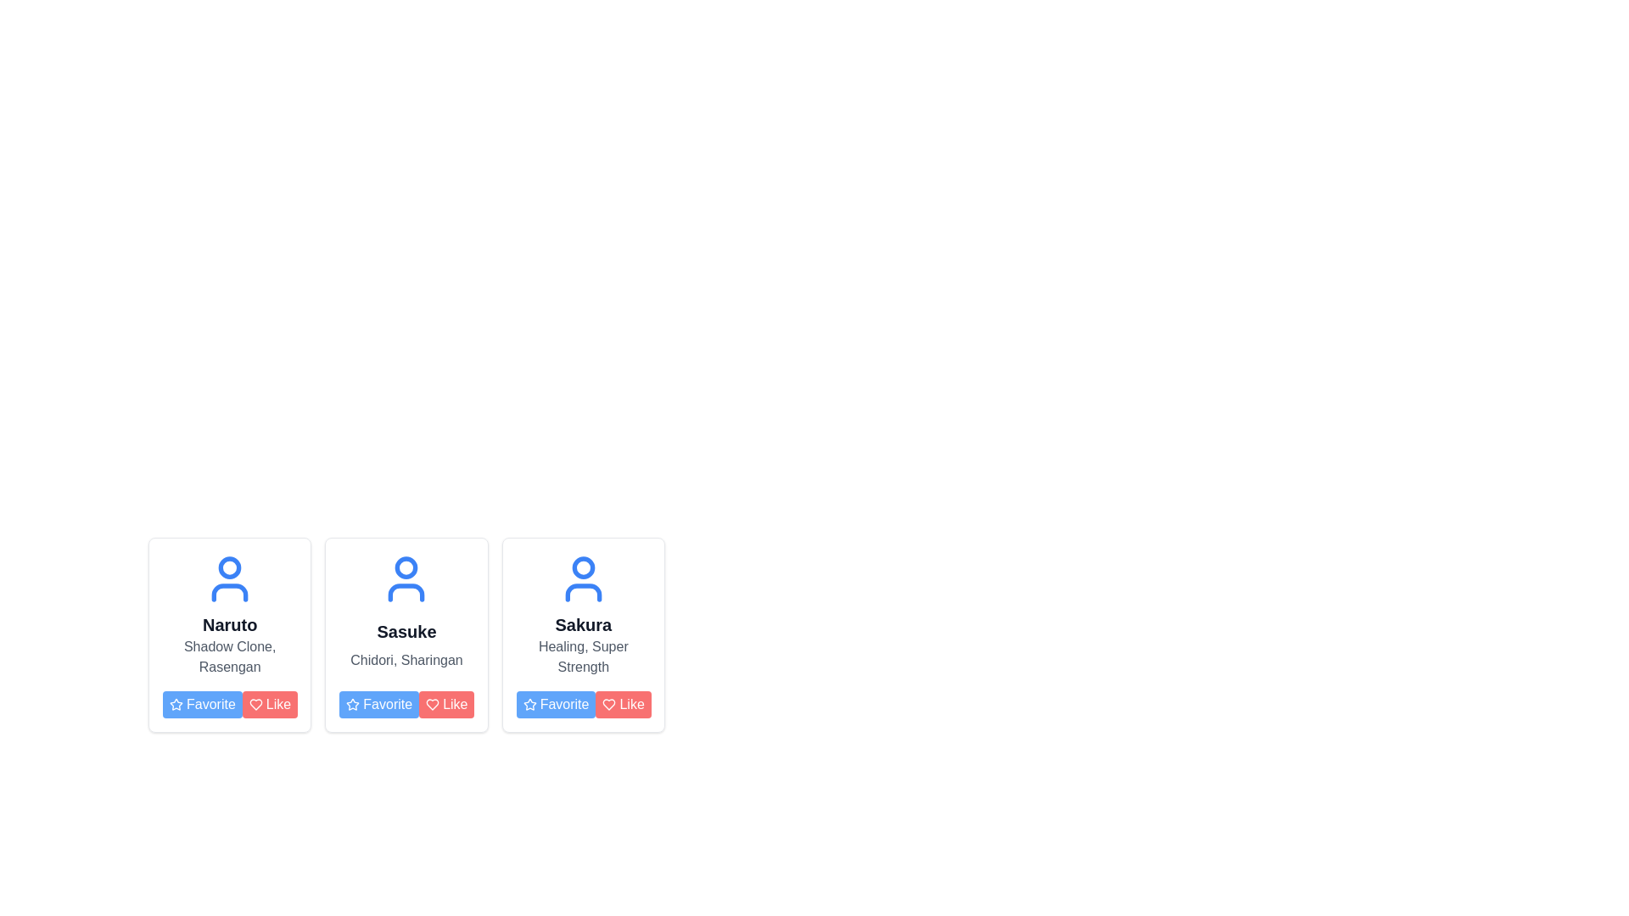 The width and height of the screenshot is (1629, 916). I want to click on the 'Favorite' button located at the bottom of the 'Sakura' card to mark it as favorite, so click(583, 704).